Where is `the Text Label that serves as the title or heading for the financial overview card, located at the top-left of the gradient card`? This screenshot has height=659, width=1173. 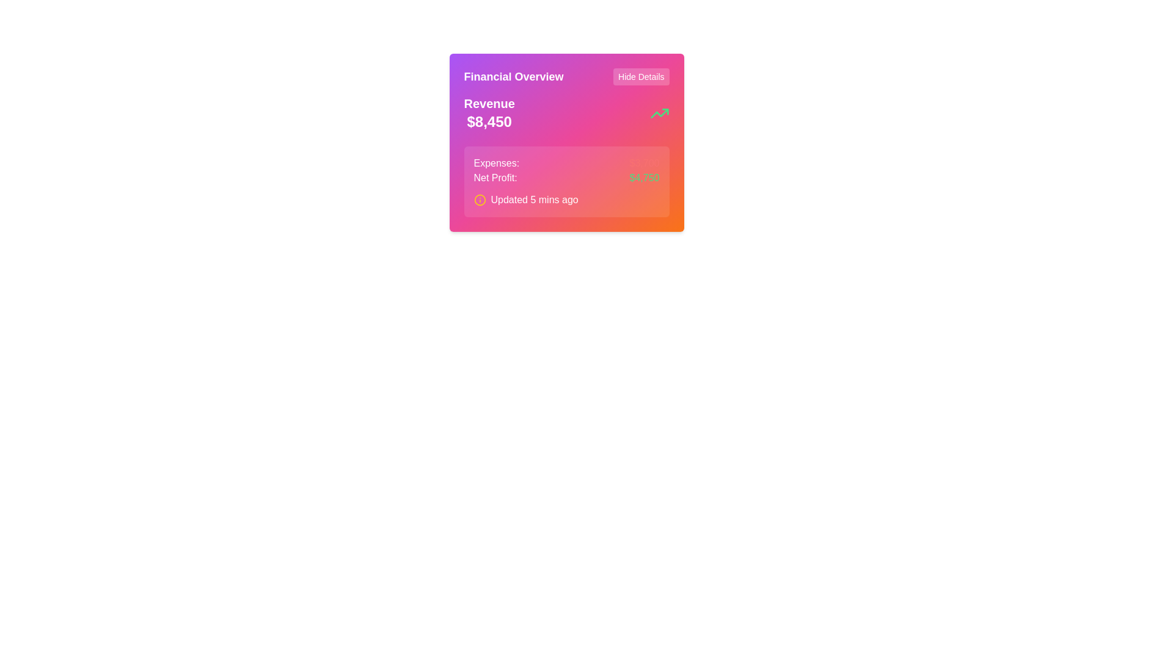
the Text Label that serves as the title or heading for the financial overview card, located at the top-left of the gradient card is located at coordinates (513, 77).